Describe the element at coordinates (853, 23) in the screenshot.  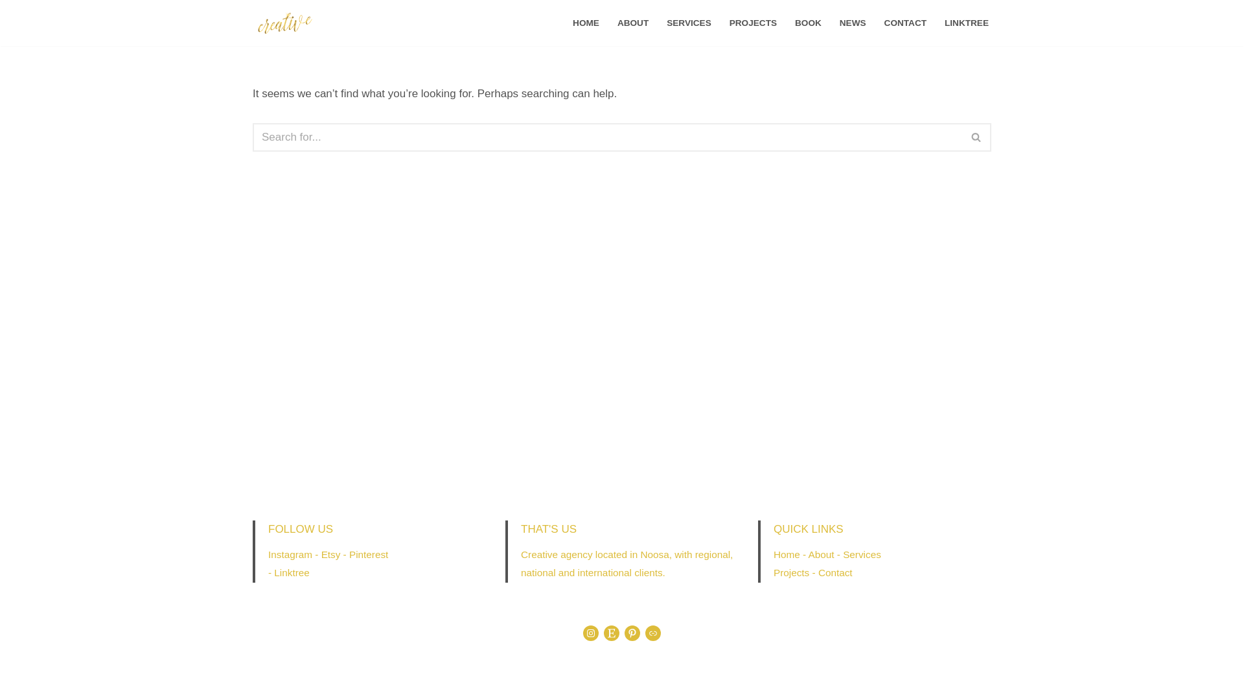
I see `'NEWS'` at that location.